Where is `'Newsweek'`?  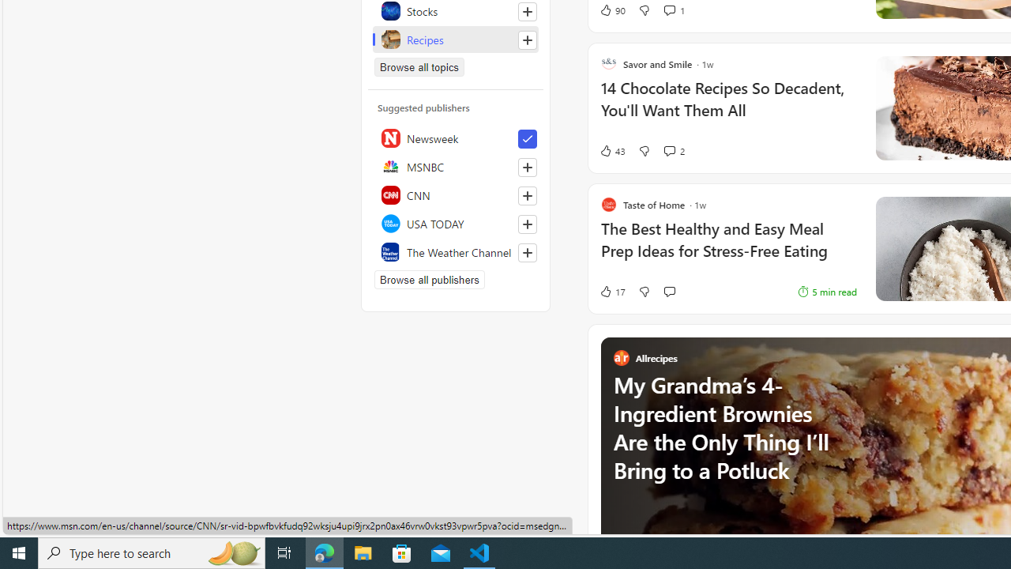
'Newsweek' is located at coordinates (455, 137).